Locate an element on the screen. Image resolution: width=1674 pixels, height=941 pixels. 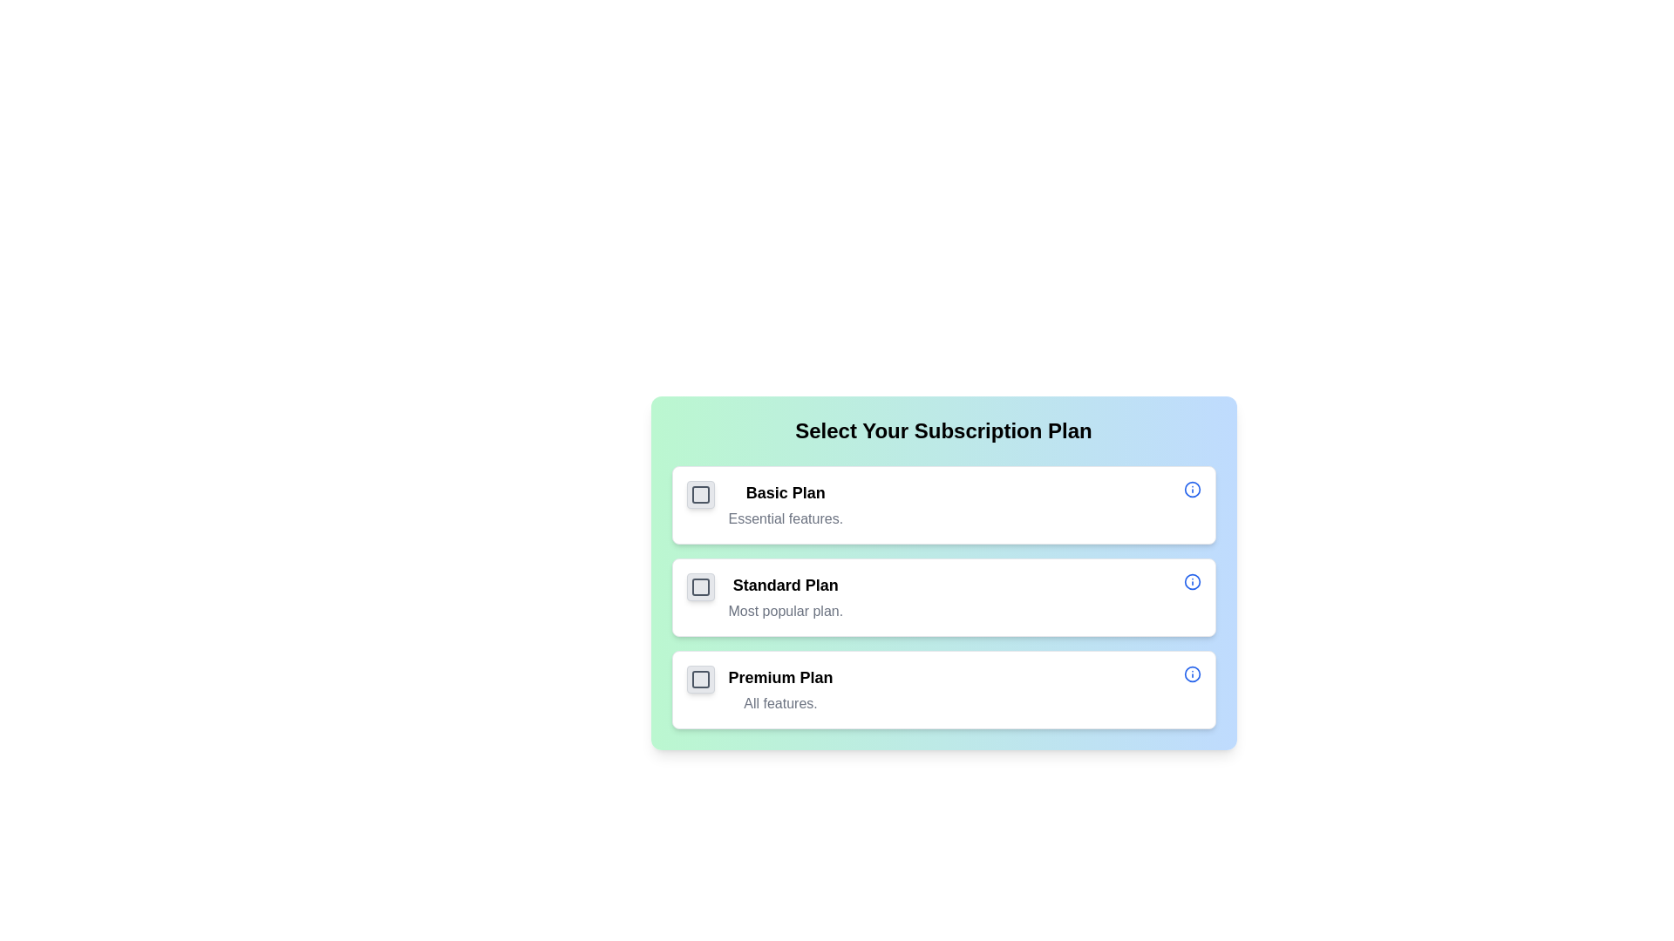
to select the 'Standard Plan' subscription option, which is the second item in the vertical list of subscription plans beneath the 'Select Your Subscription Plan' title is located at coordinates (942, 573).